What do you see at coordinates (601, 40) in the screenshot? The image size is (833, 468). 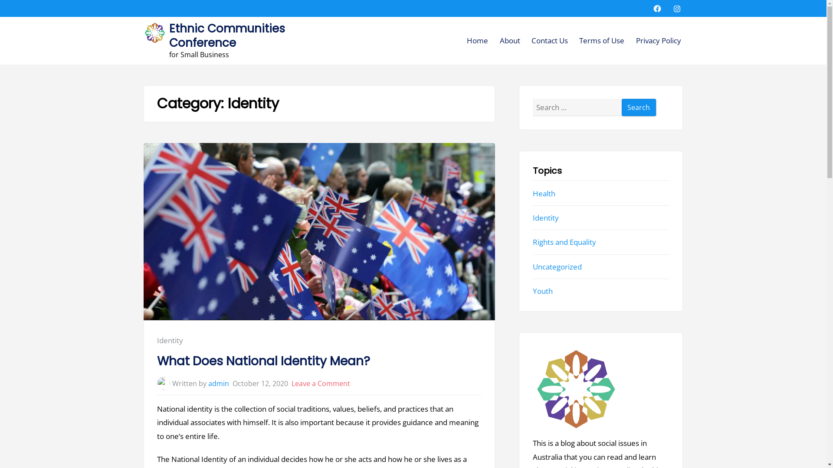 I see `'Terms of Use'` at bounding box center [601, 40].